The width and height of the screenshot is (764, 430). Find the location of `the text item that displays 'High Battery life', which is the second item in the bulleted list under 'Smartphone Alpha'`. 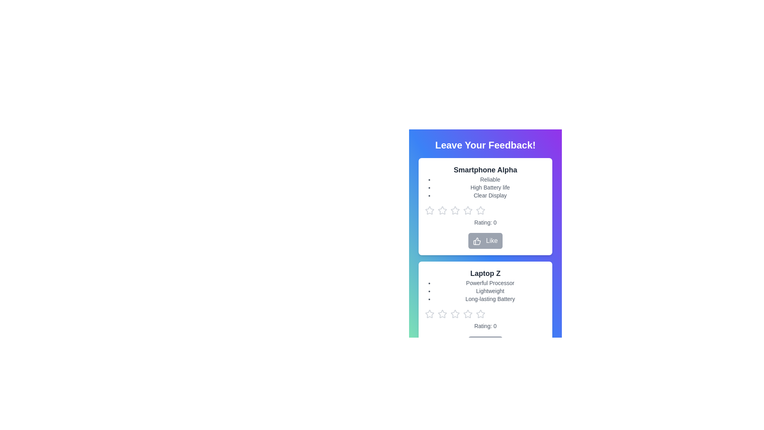

the text item that displays 'High Battery life', which is the second item in the bulleted list under 'Smartphone Alpha' is located at coordinates (490, 187).